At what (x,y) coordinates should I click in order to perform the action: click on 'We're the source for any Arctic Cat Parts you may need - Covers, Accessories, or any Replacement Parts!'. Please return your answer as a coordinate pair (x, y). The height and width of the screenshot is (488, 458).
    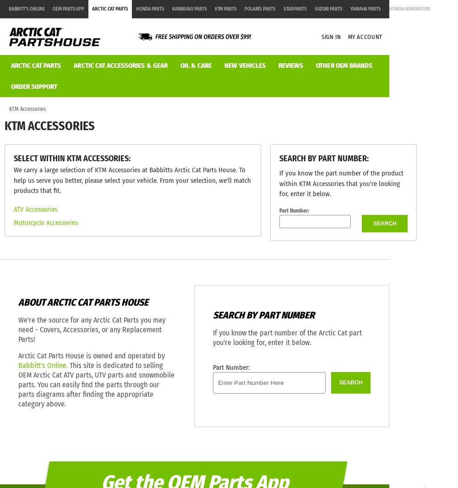
    Looking at the image, I should click on (18, 329).